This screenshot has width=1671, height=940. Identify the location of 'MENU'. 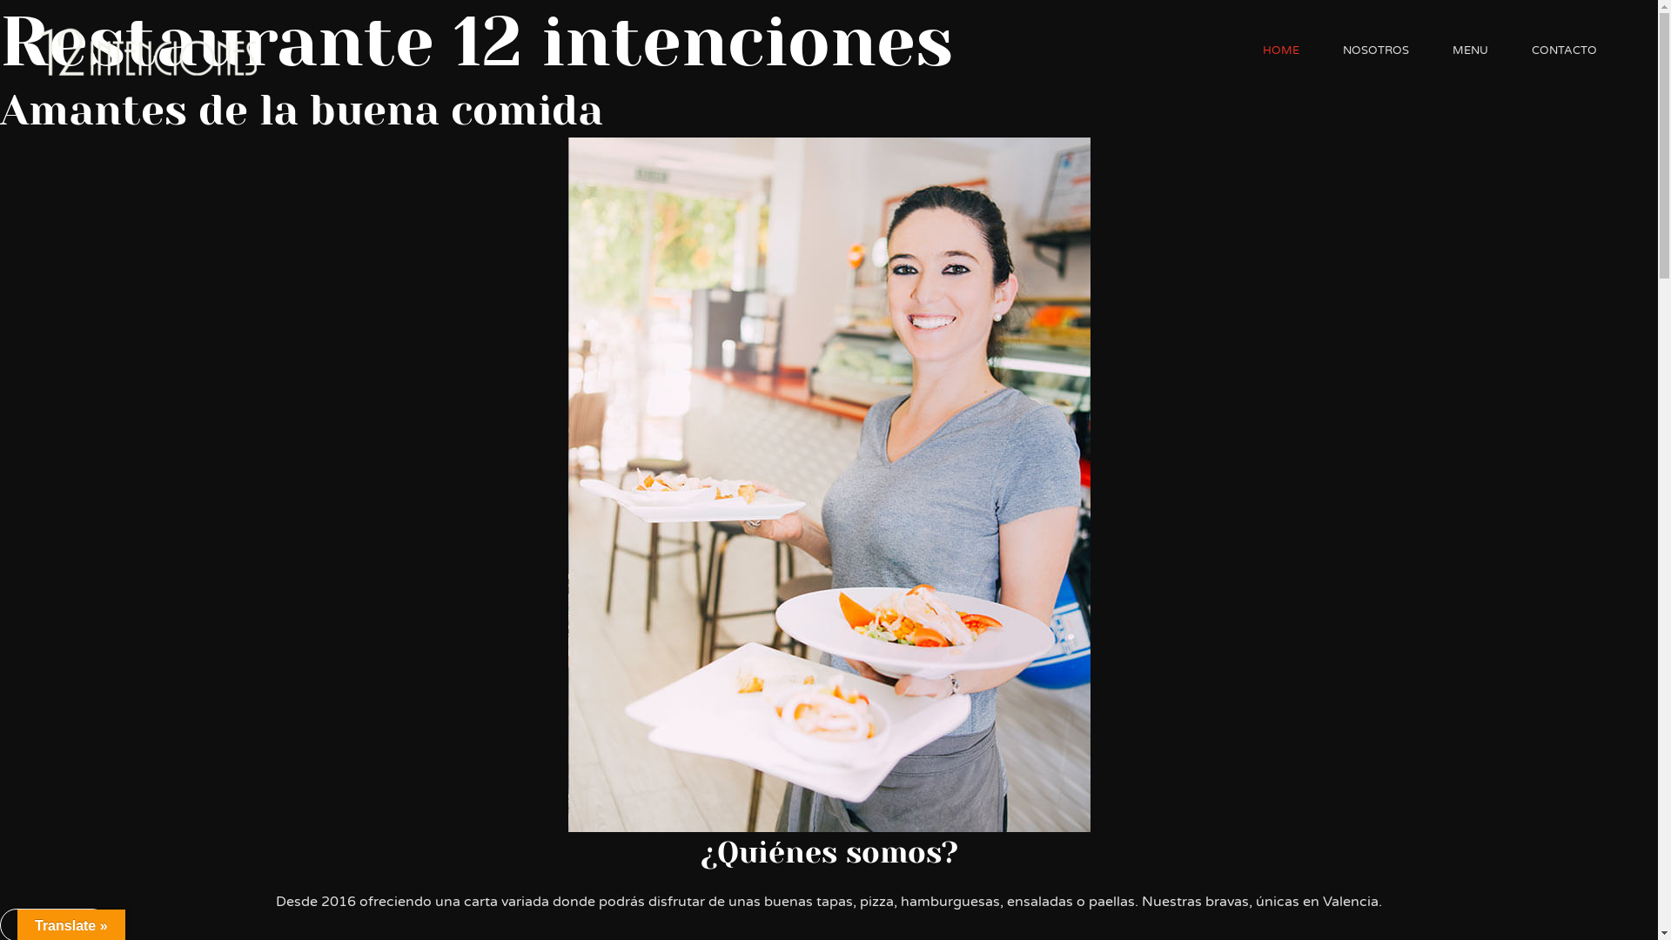
(1430, 49).